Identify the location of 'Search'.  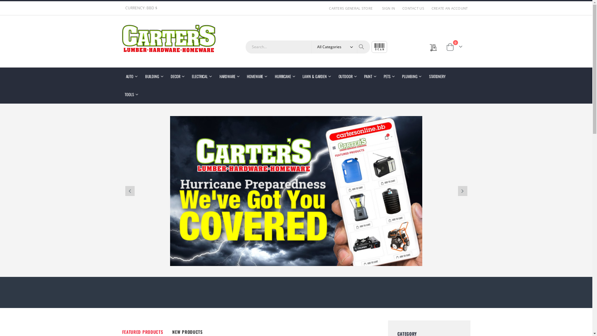
(361, 46).